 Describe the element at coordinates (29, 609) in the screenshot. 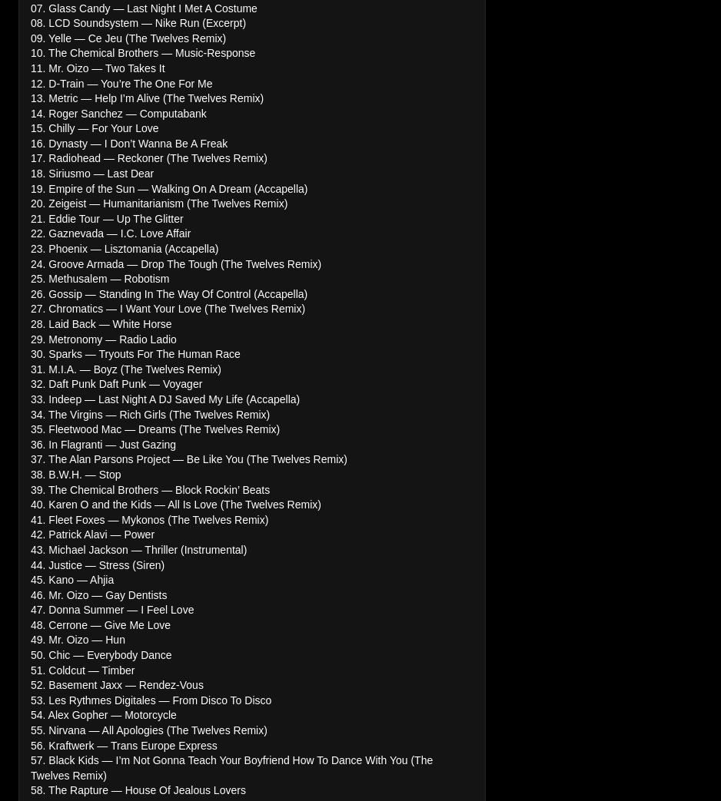

I see `'47. Donna Summer — I Feel Love'` at that location.